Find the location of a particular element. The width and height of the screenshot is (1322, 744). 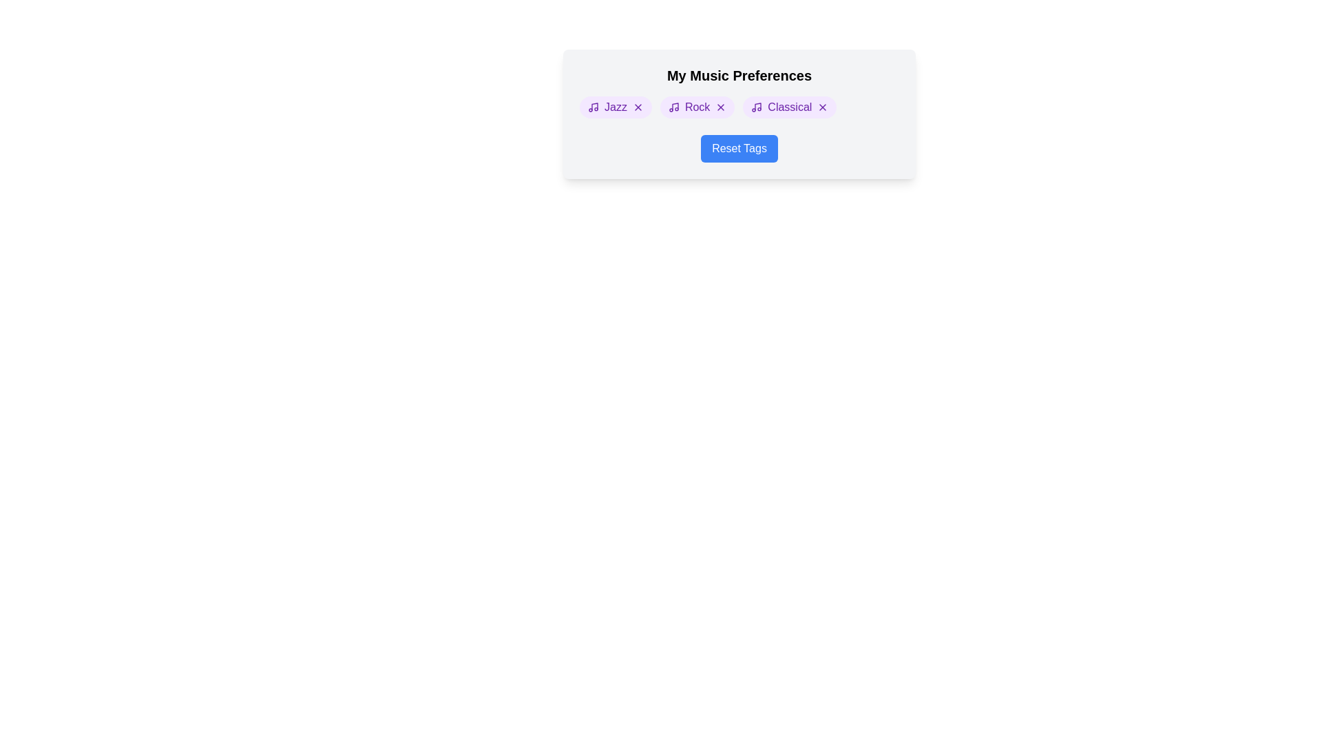

the remove button for the tag Classical to delete it is located at coordinates (823, 106).